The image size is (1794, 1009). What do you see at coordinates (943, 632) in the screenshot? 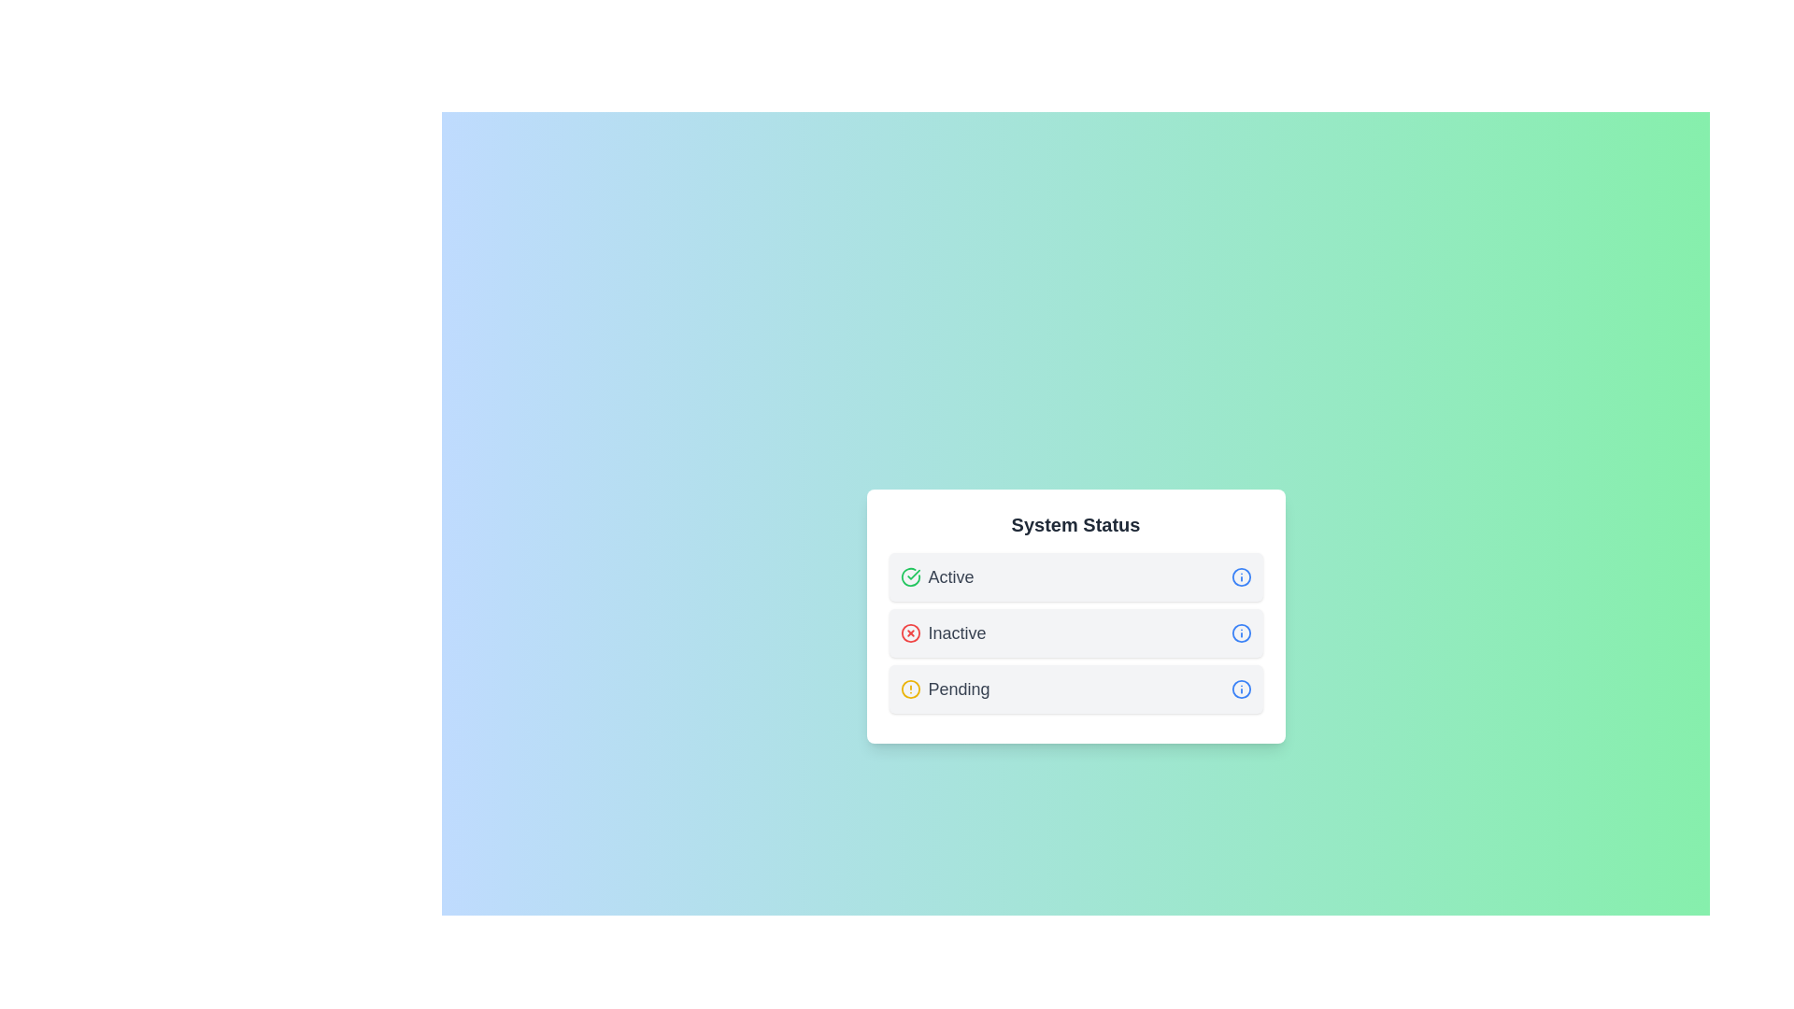
I see `the 'Inactive' status label with red icon and white 'X', which is the second item in the vertical list of status options under 'System Status'` at bounding box center [943, 632].